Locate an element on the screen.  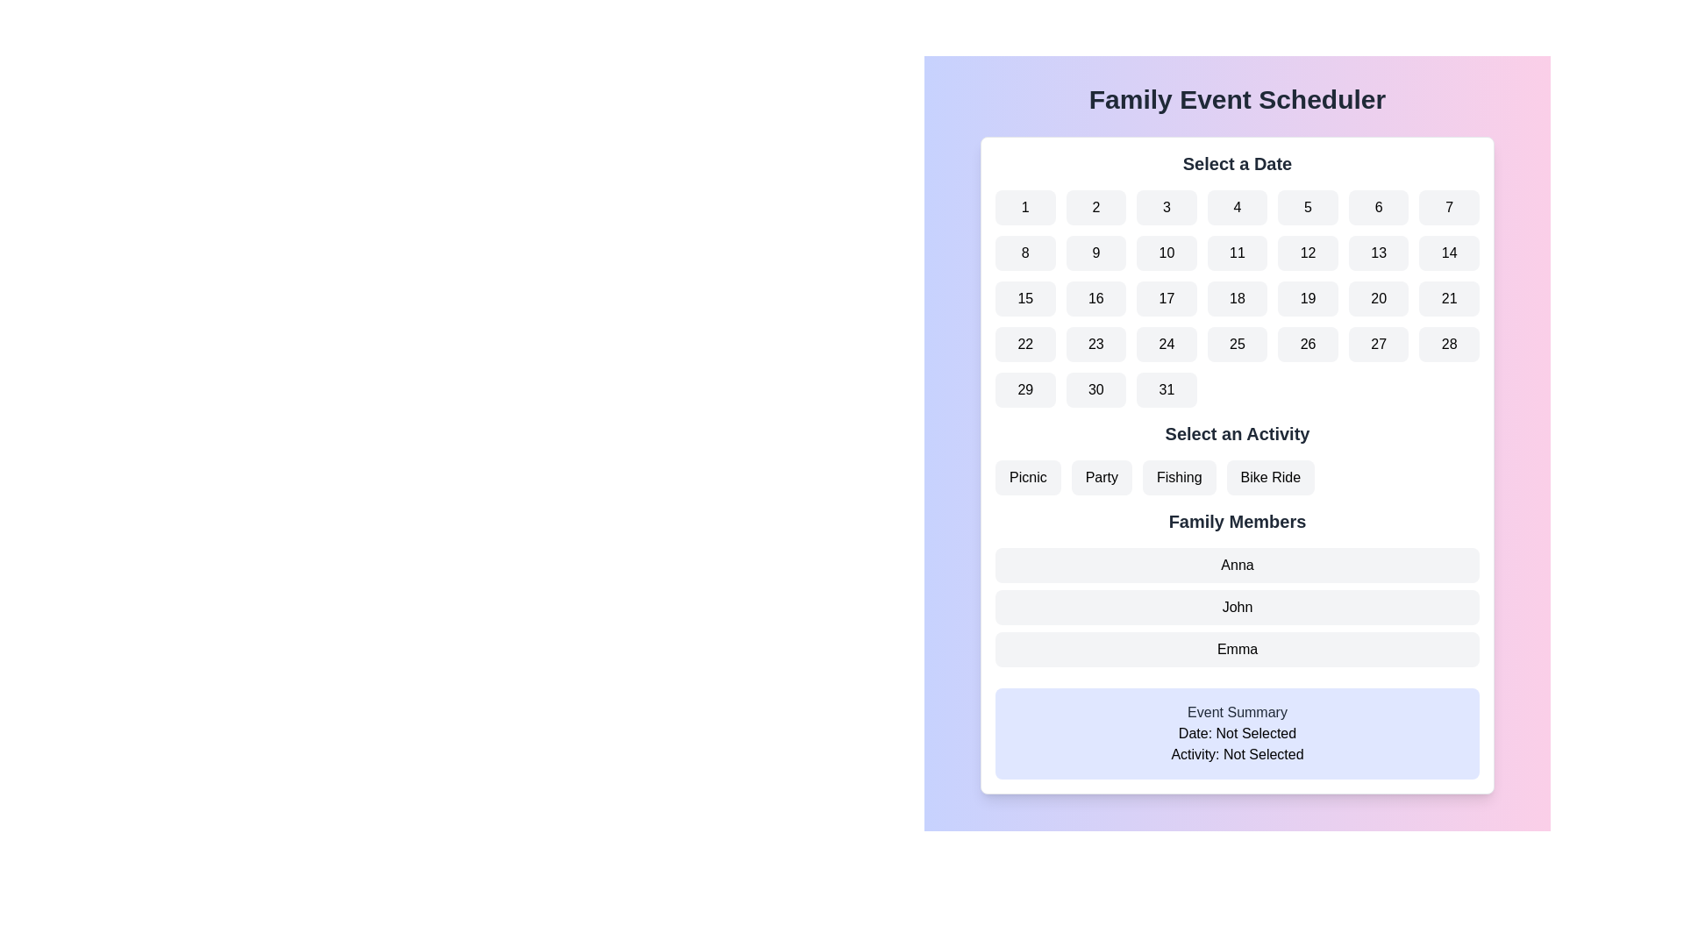
the text label displaying 'Date: Not Selected' within the 'Event Summary' panel, which is styled with a simple font and located above the 'Activity: Not Selected' text is located at coordinates (1237, 734).